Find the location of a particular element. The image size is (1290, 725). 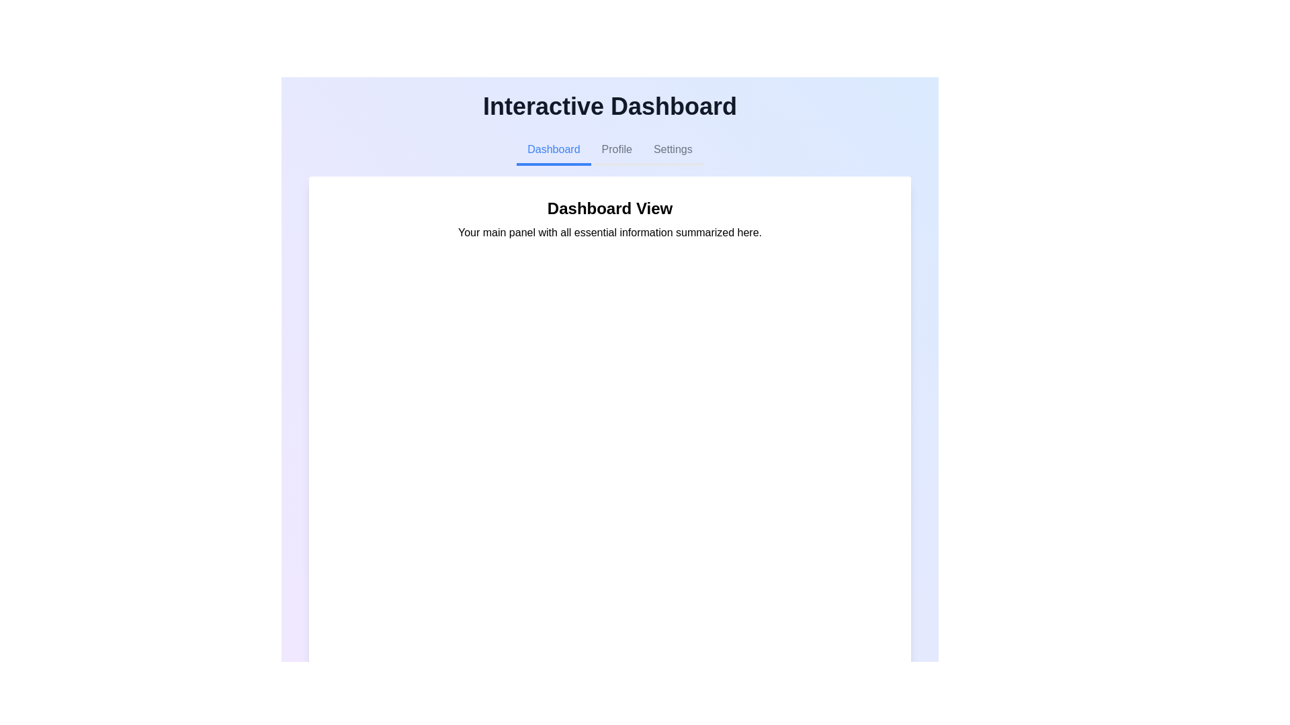

the dashboard navigation button located in the upper section of the interface, which is the first button among three in a horizontal navigation bar is located at coordinates (554, 150).